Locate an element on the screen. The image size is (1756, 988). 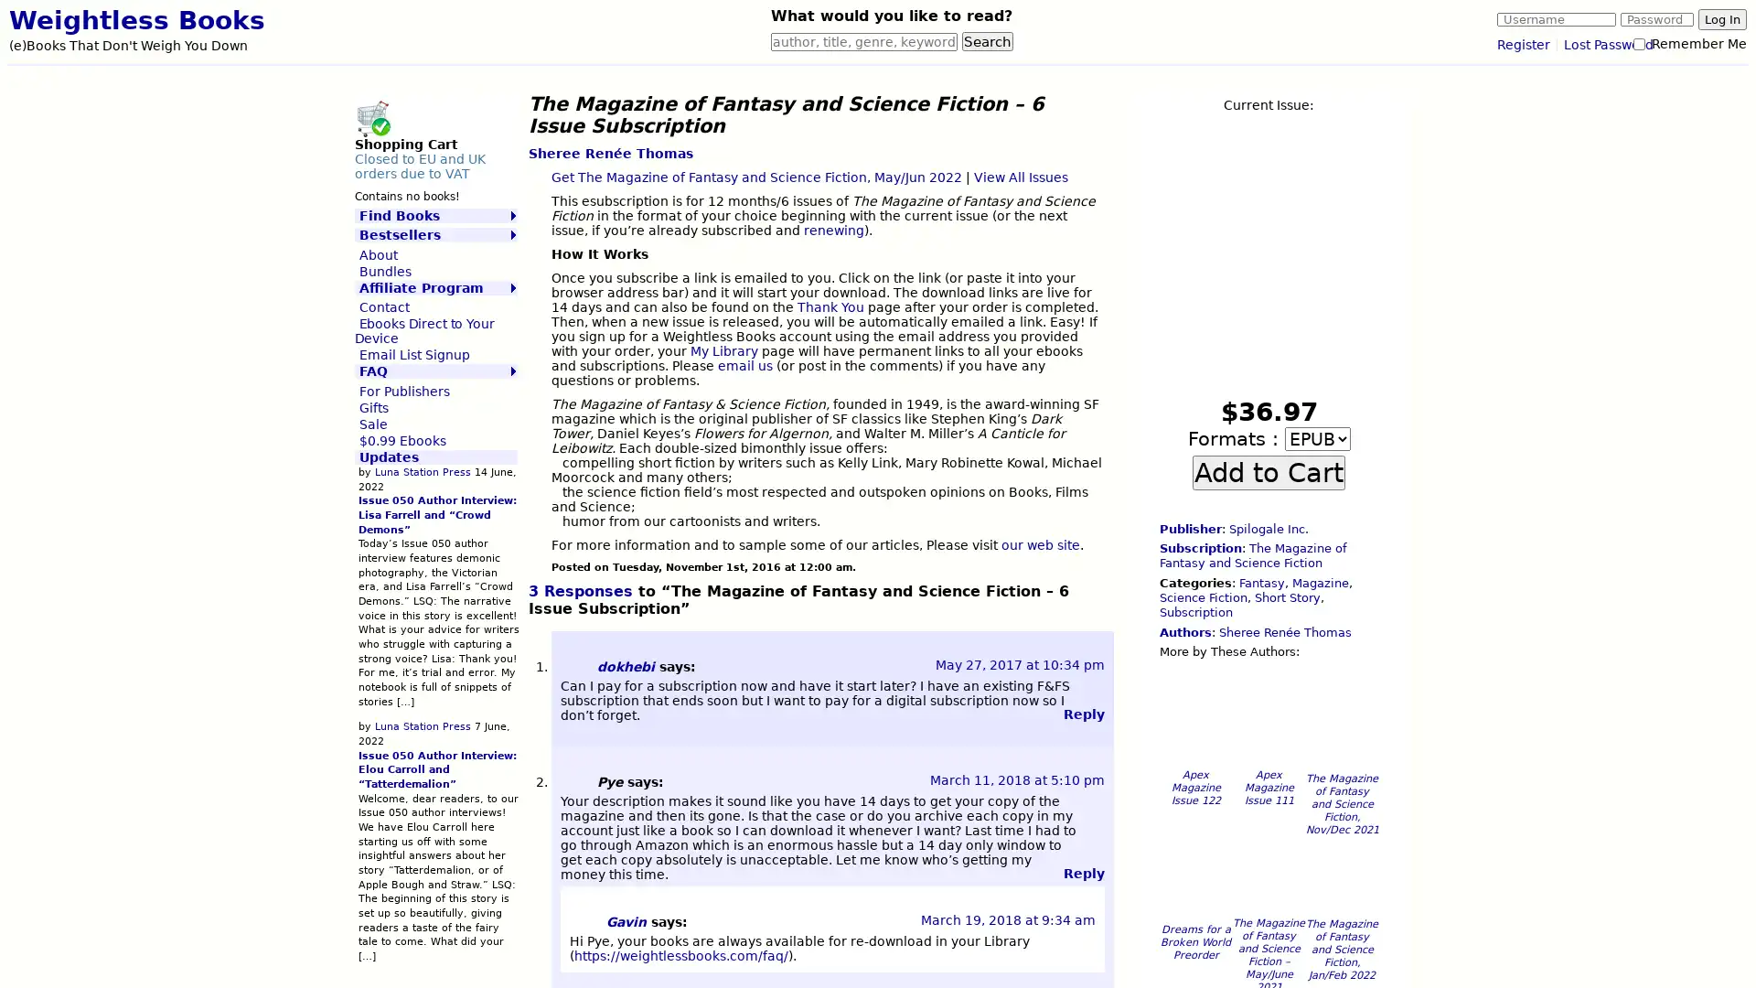
Log In is located at coordinates (1721, 19).